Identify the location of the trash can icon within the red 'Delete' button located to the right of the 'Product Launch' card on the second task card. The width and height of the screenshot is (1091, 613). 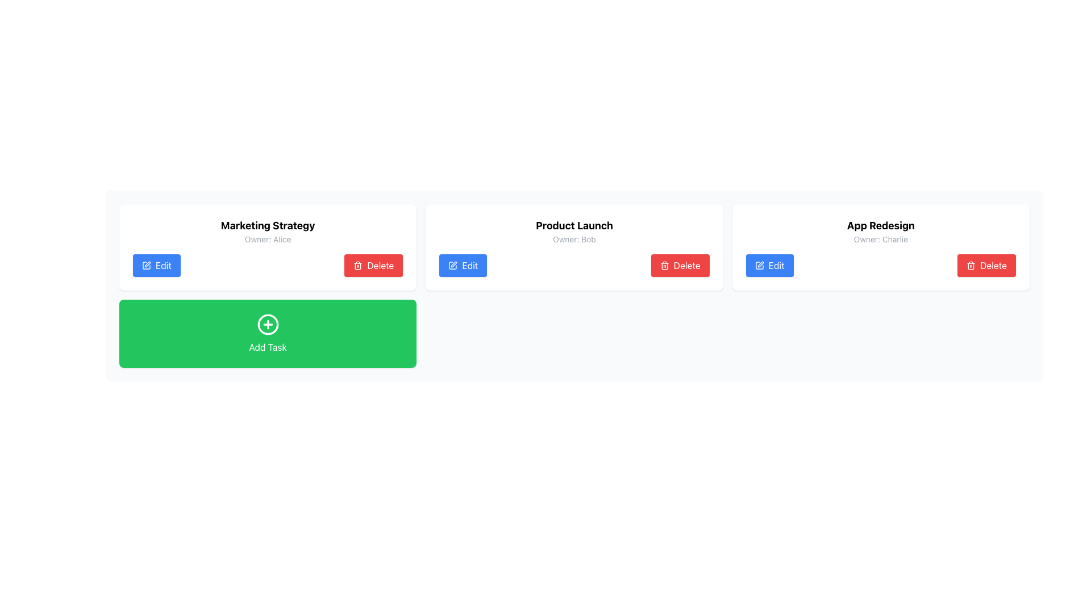
(664, 266).